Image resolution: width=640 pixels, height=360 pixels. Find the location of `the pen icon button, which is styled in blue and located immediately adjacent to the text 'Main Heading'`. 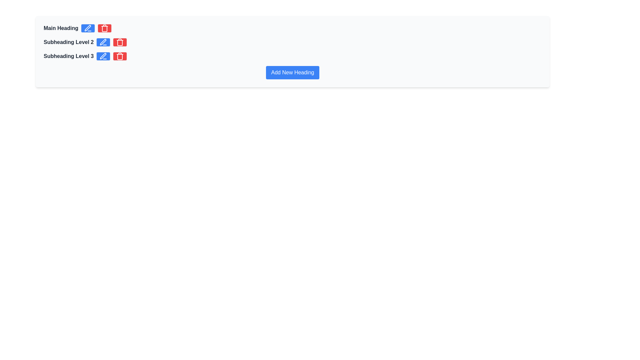

the pen icon button, which is styled in blue and located immediately adjacent to the text 'Main Heading' is located at coordinates (88, 28).